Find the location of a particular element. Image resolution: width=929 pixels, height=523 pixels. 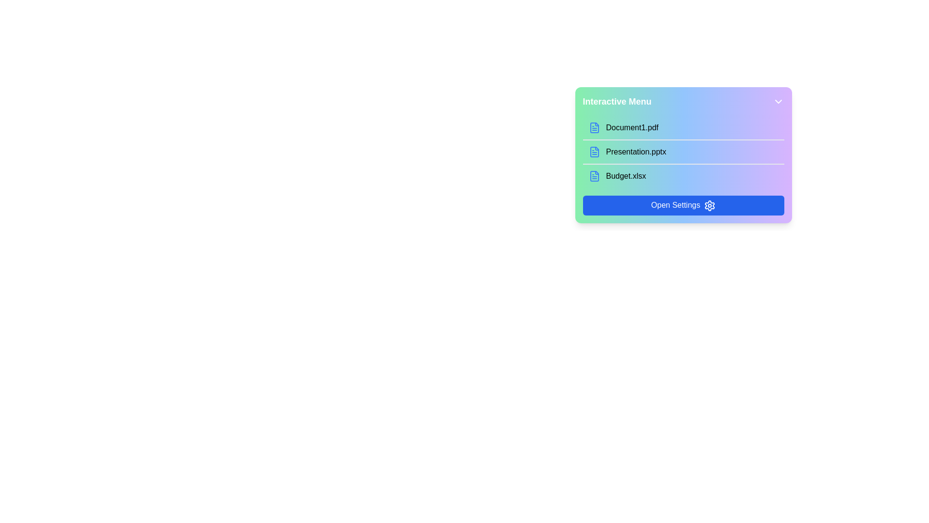

the gear icon, which signifies settings or configuration options, for information about its associated function is located at coordinates (710, 205).